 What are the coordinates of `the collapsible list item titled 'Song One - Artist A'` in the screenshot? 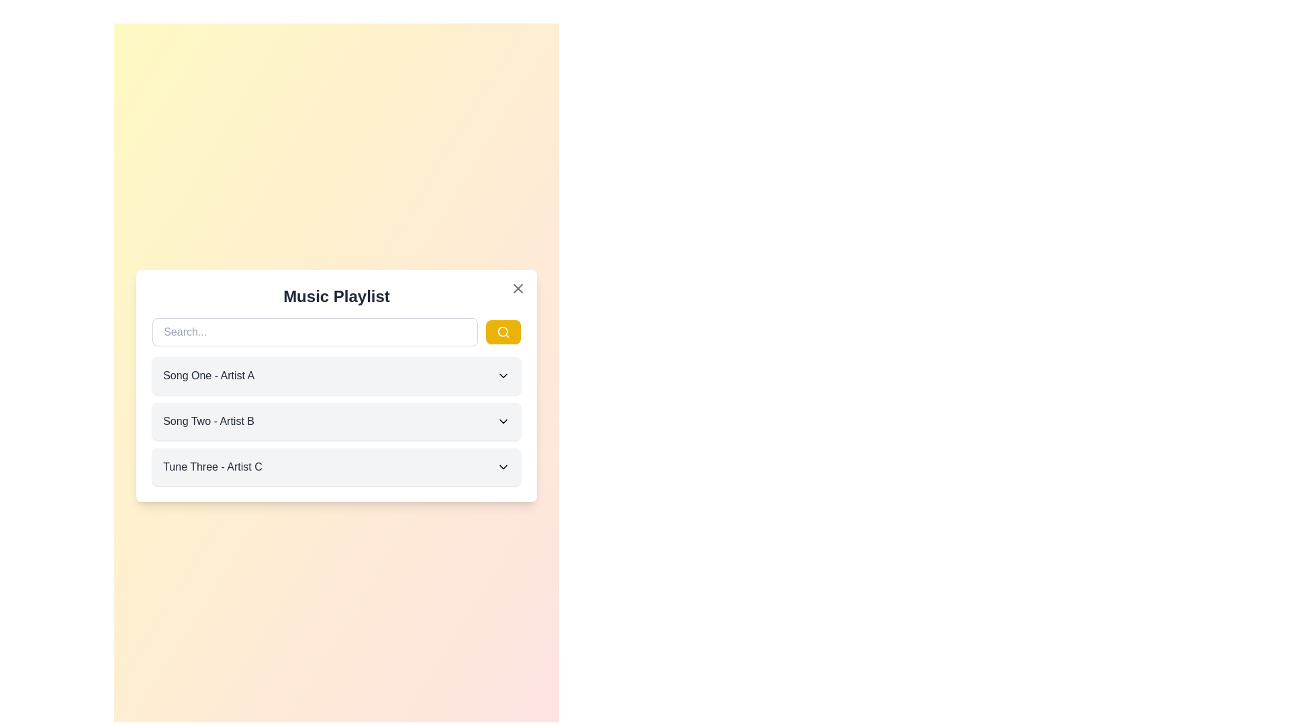 It's located at (336, 375).